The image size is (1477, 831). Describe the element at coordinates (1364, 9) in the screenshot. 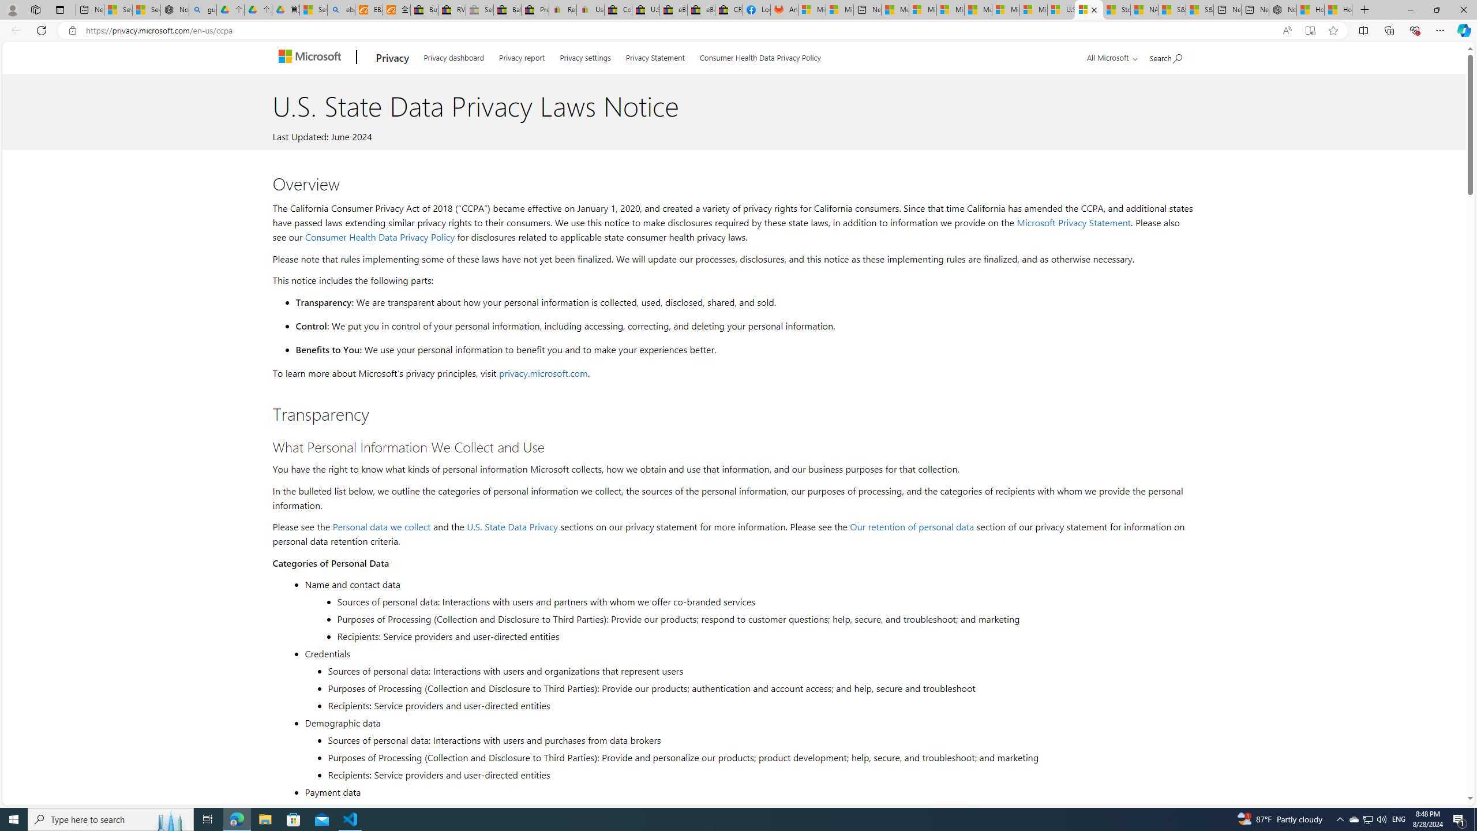

I see `'New Tab'` at that location.